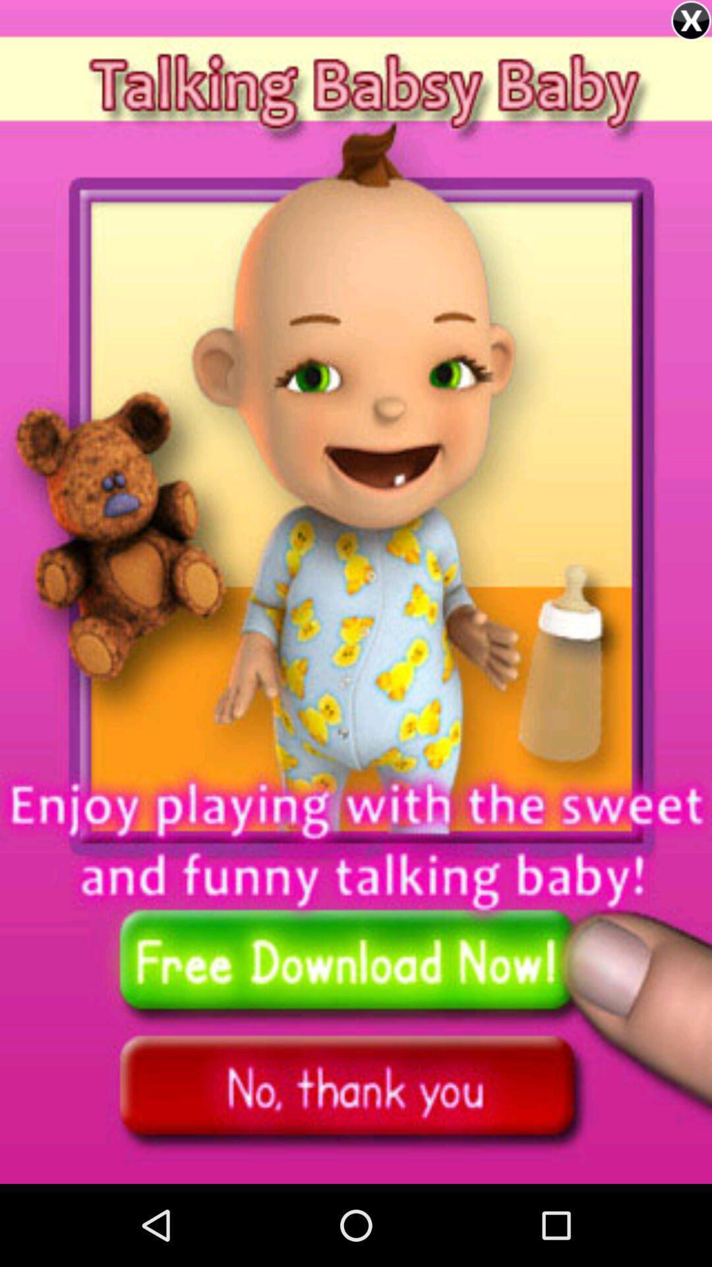 This screenshot has height=1267, width=712. What do you see at coordinates (690, 22) in the screenshot?
I see `the close icon` at bounding box center [690, 22].